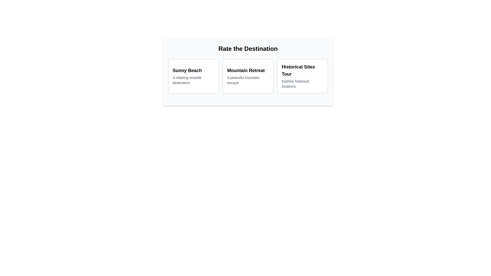  What do you see at coordinates (248, 76) in the screenshot?
I see `the second card in the 'Rate the Destination' section, which features a bold title 'Mountain Retreat' and a description 'A peaceful mountain escape'` at bounding box center [248, 76].